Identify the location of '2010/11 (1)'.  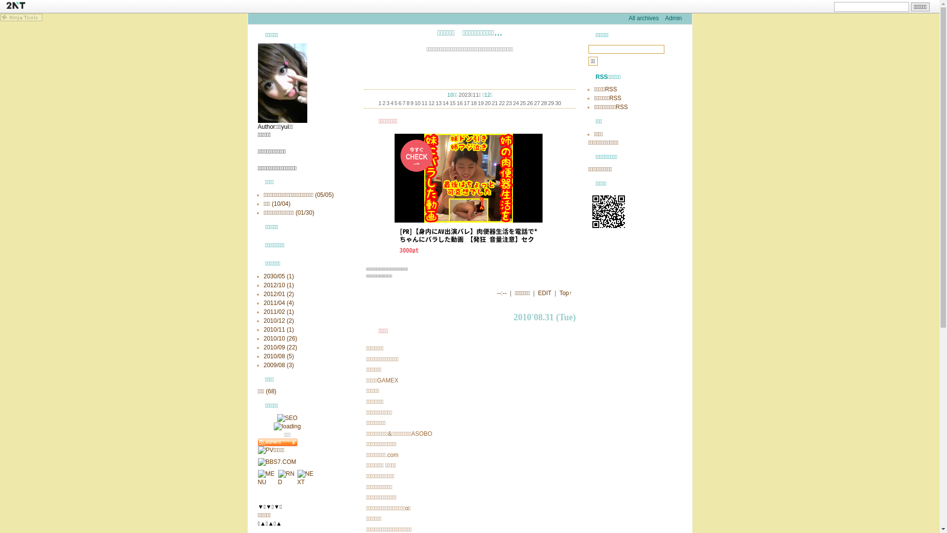
(278, 329).